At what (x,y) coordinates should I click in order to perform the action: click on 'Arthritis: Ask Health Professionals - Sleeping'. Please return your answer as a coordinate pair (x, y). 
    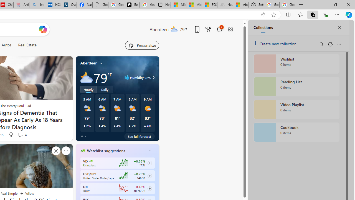
    Looking at the image, I should click on (21, 5).